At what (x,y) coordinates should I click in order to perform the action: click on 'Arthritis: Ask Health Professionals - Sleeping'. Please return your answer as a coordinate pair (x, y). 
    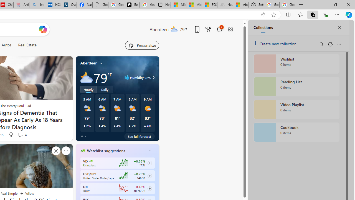
    Looking at the image, I should click on (21, 5).